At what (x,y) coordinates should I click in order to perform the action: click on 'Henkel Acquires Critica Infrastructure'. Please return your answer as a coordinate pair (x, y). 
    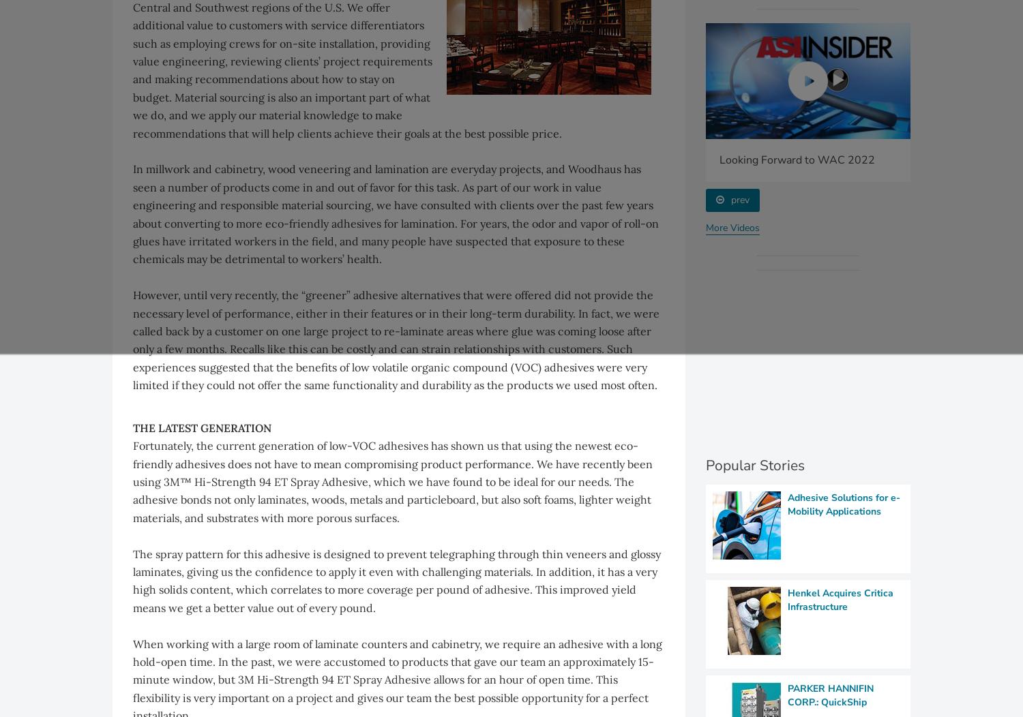
    Looking at the image, I should click on (840, 600).